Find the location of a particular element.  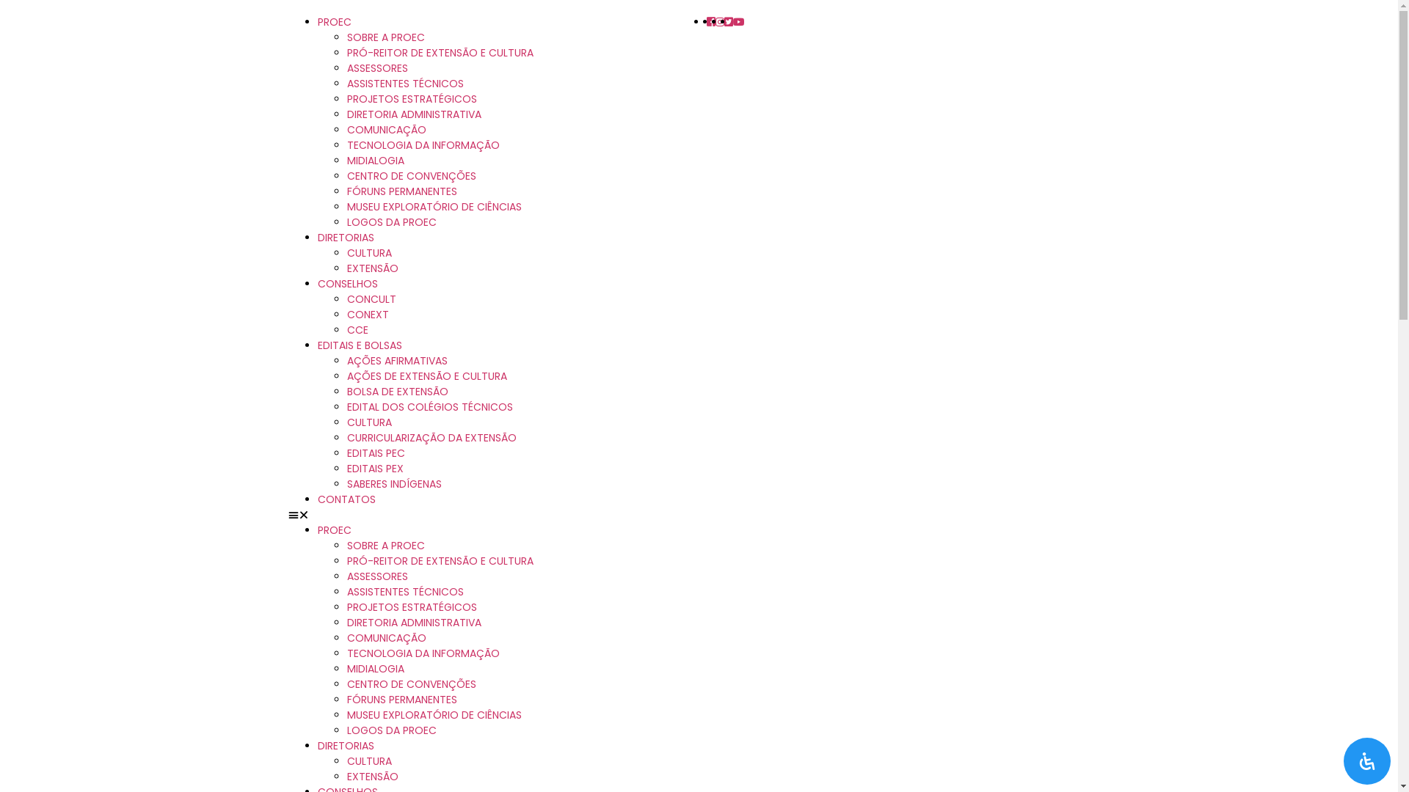

'CONCULT' is located at coordinates (371, 298).